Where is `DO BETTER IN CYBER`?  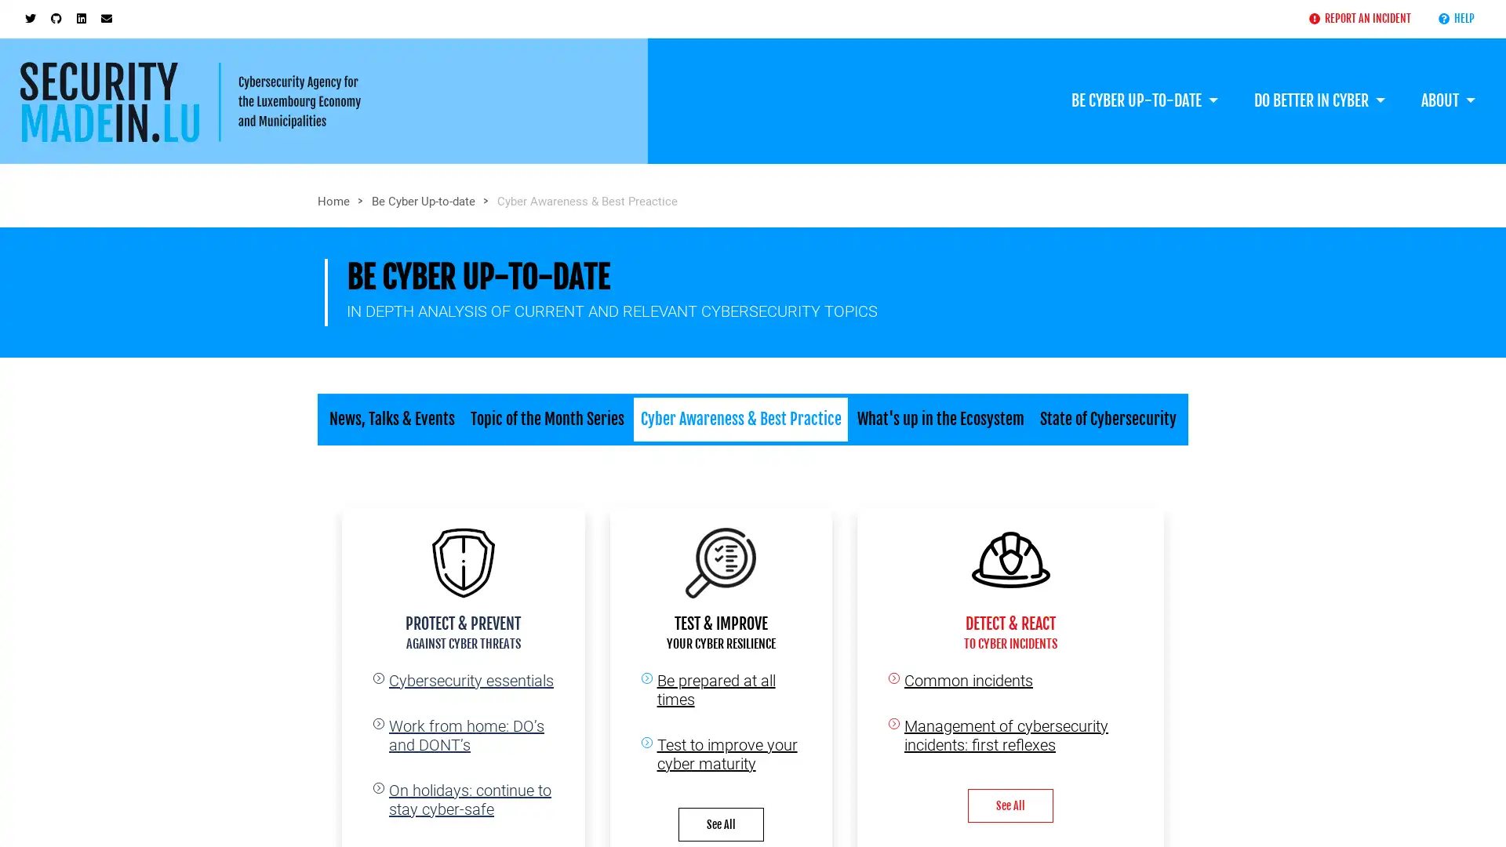
DO BETTER IN CYBER is located at coordinates (1318, 85).